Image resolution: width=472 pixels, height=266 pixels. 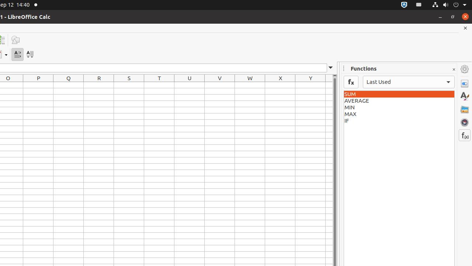 What do you see at coordinates (403, 5) in the screenshot?
I see `':1.72/StatusNotifierItem'` at bounding box center [403, 5].